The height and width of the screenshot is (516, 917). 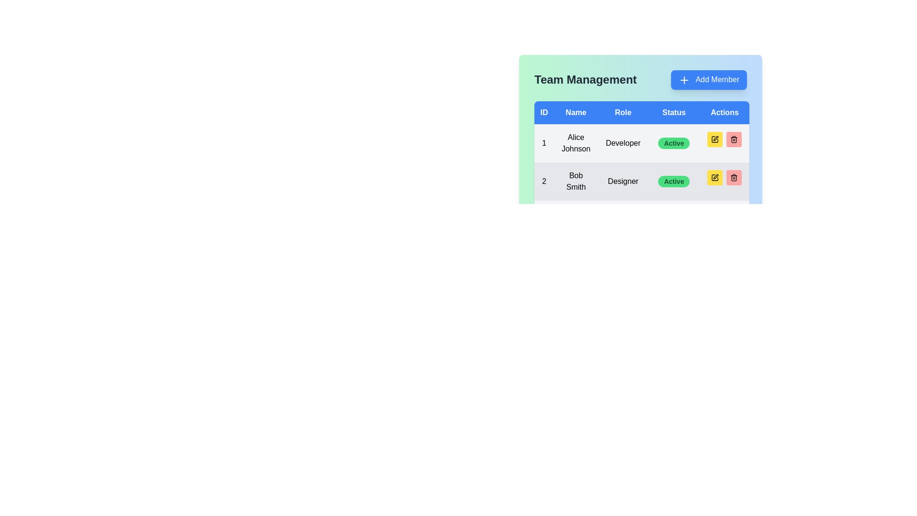 I want to click on the 'Role' text label, which is the third label in a blue header bar containing similar labels ('ID', 'Name', 'Role', 'Status', 'Actions'), so click(x=623, y=112).